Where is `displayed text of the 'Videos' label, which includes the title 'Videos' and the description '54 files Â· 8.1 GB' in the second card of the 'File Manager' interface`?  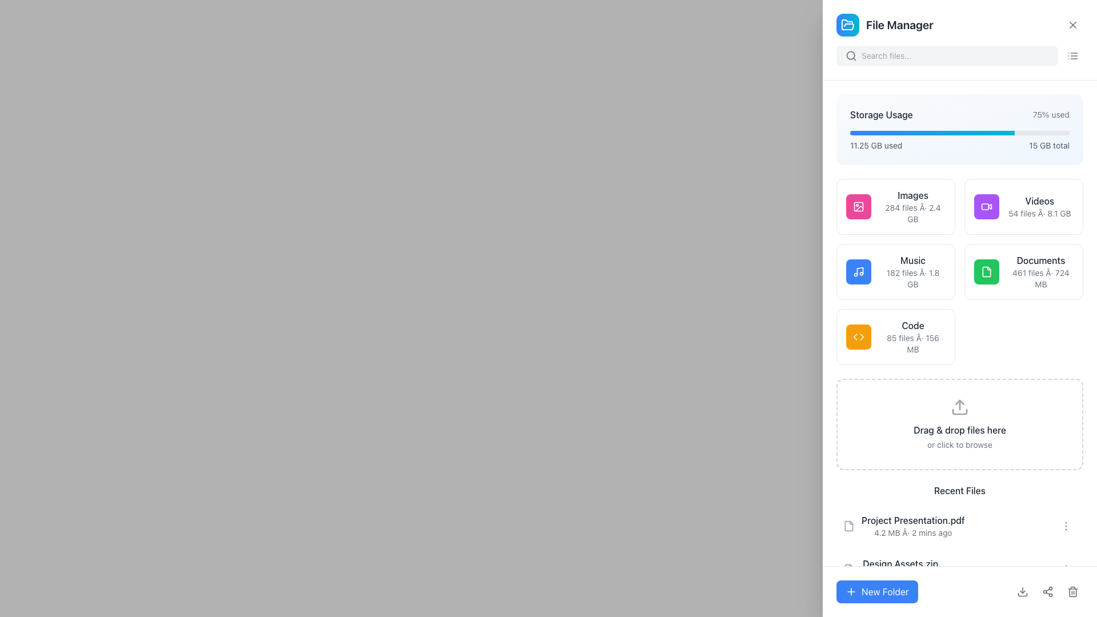
displayed text of the 'Videos' label, which includes the title 'Videos' and the description '54 files Â· 8.1 GB' in the second card of the 'File Manager' interface is located at coordinates (1039, 207).